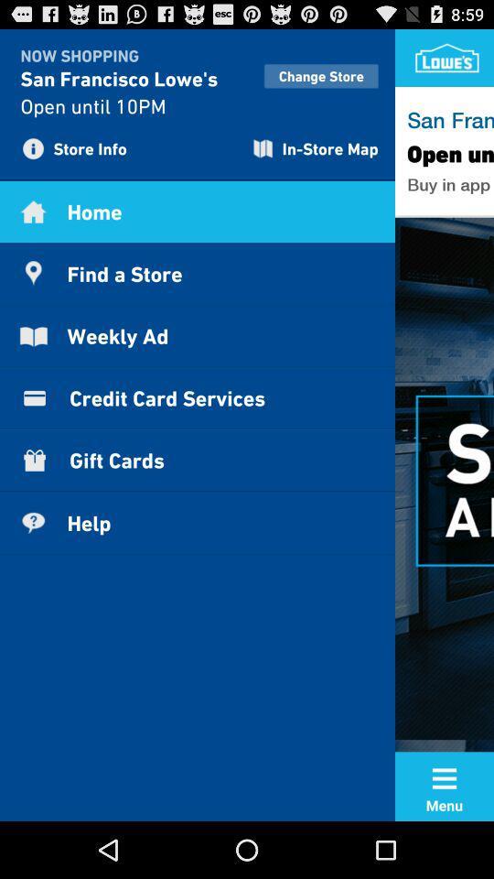  Describe the element at coordinates (38, 147) in the screenshot. I see `information symbol` at that location.